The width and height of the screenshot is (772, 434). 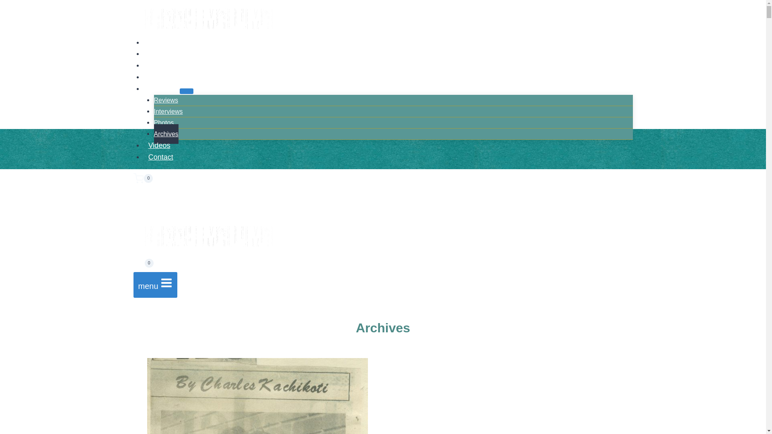 I want to click on '0', so click(x=143, y=265).